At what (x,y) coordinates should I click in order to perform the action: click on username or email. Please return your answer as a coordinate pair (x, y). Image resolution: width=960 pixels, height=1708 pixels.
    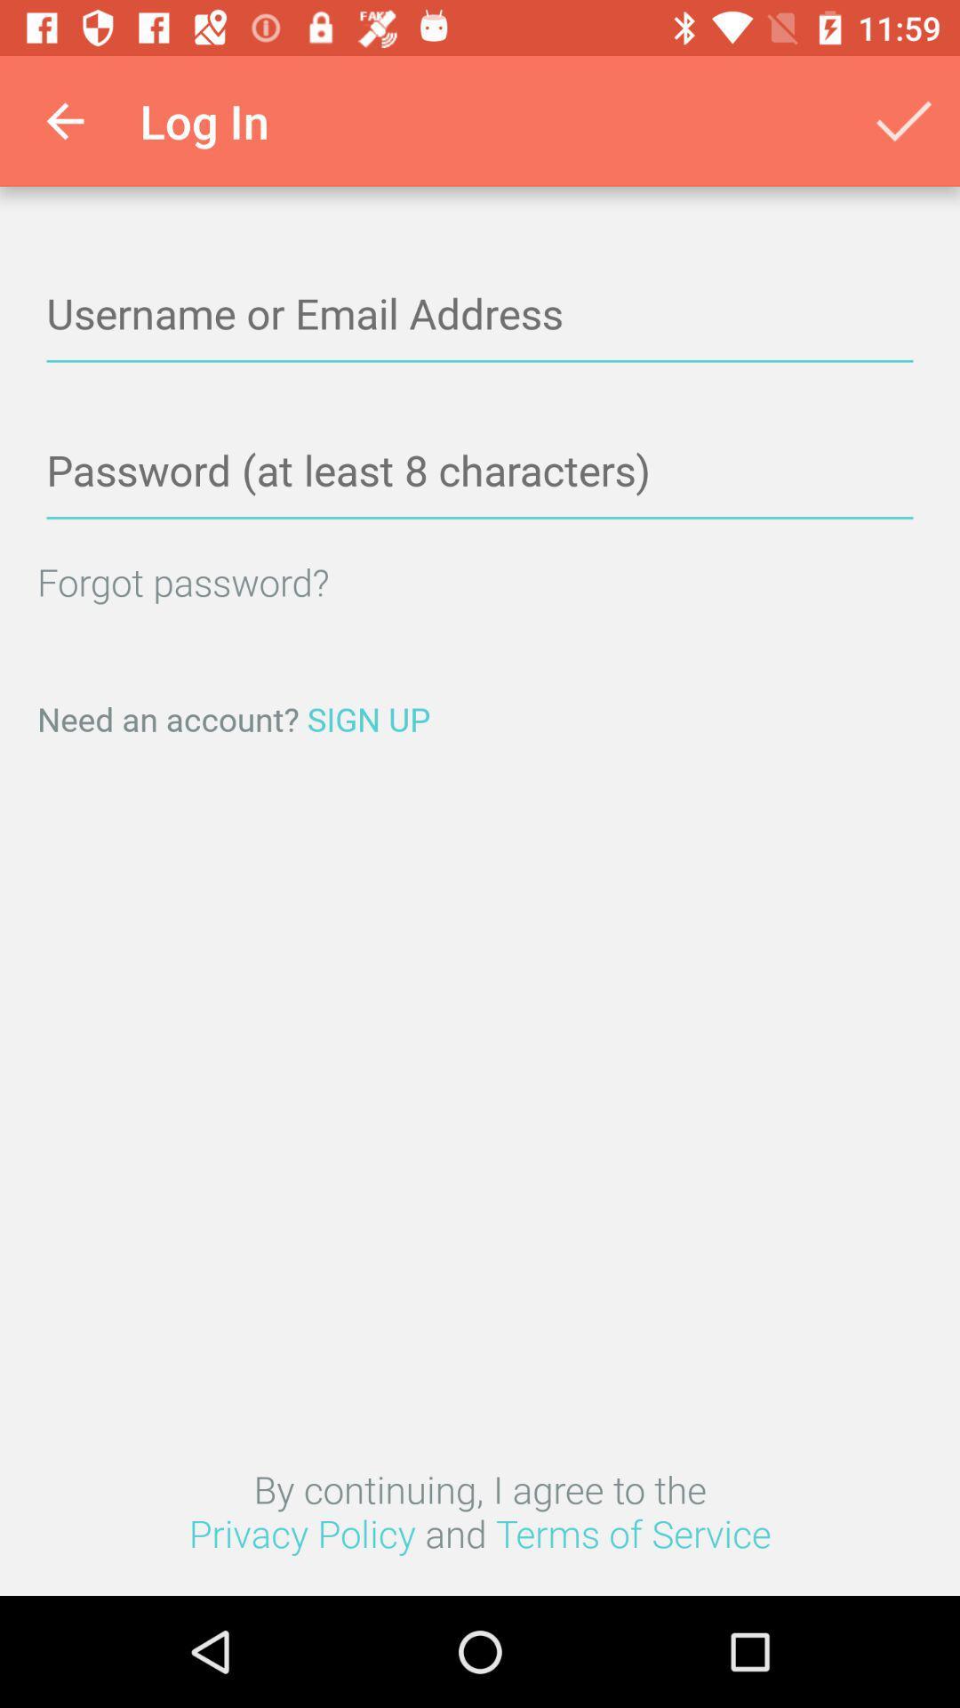
    Looking at the image, I should click on (480, 315).